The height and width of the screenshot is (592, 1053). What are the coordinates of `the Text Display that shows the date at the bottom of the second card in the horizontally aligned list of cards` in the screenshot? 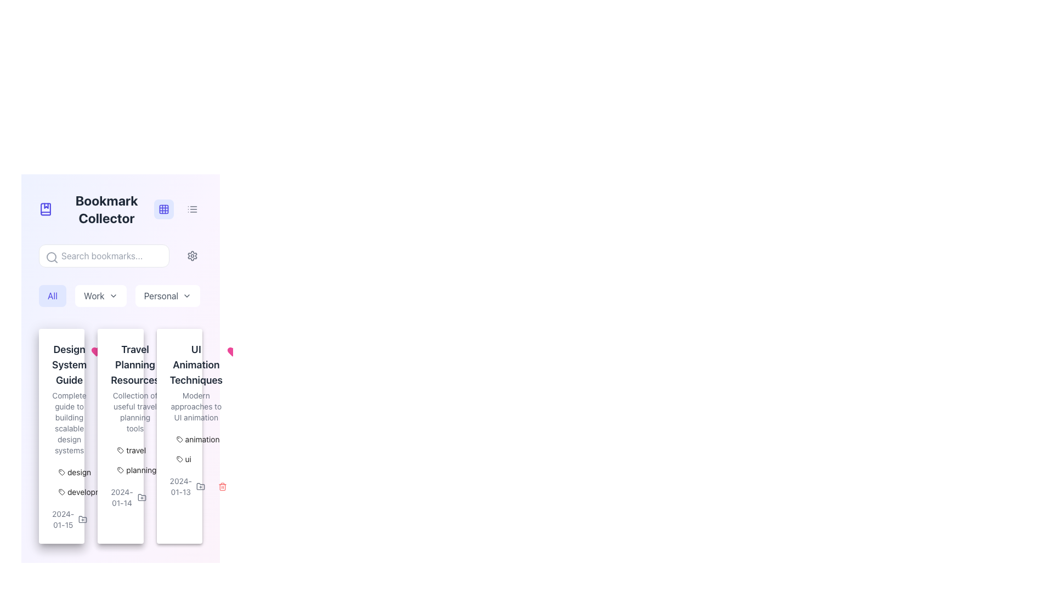 It's located at (122, 497).